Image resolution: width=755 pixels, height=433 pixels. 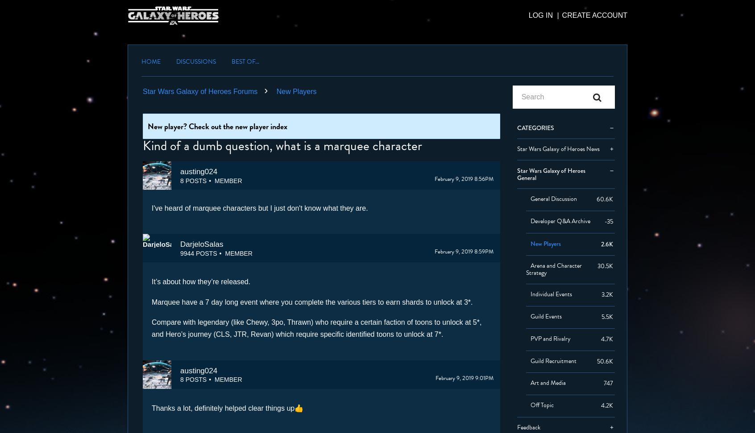 What do you see at coordinates (227, 408) in the screenshot?
I see `'Thanks a lot, definitely helped clear things up👍'` at bounding box center [227, 408].